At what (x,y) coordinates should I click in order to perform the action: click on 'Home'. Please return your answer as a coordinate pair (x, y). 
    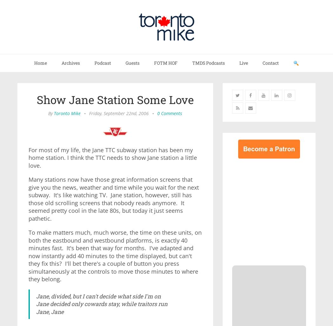
    Looking at the image, I should click on (40, 62).